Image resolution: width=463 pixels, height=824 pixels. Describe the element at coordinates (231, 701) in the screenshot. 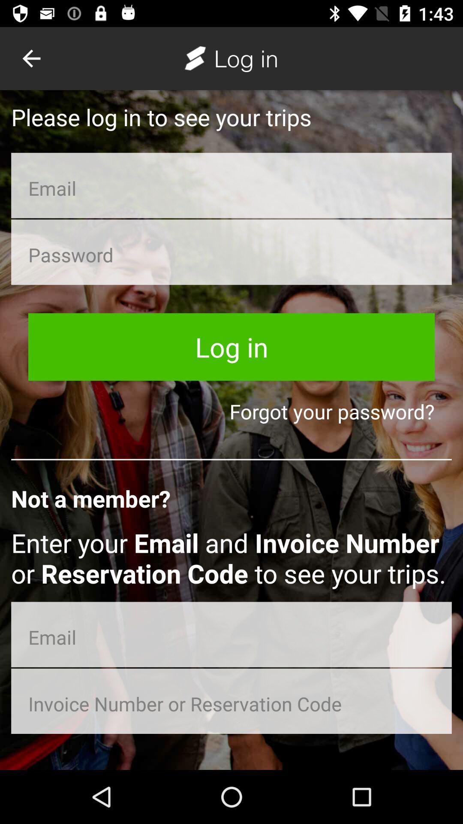

I see `reservation/invoice input box` at that location.